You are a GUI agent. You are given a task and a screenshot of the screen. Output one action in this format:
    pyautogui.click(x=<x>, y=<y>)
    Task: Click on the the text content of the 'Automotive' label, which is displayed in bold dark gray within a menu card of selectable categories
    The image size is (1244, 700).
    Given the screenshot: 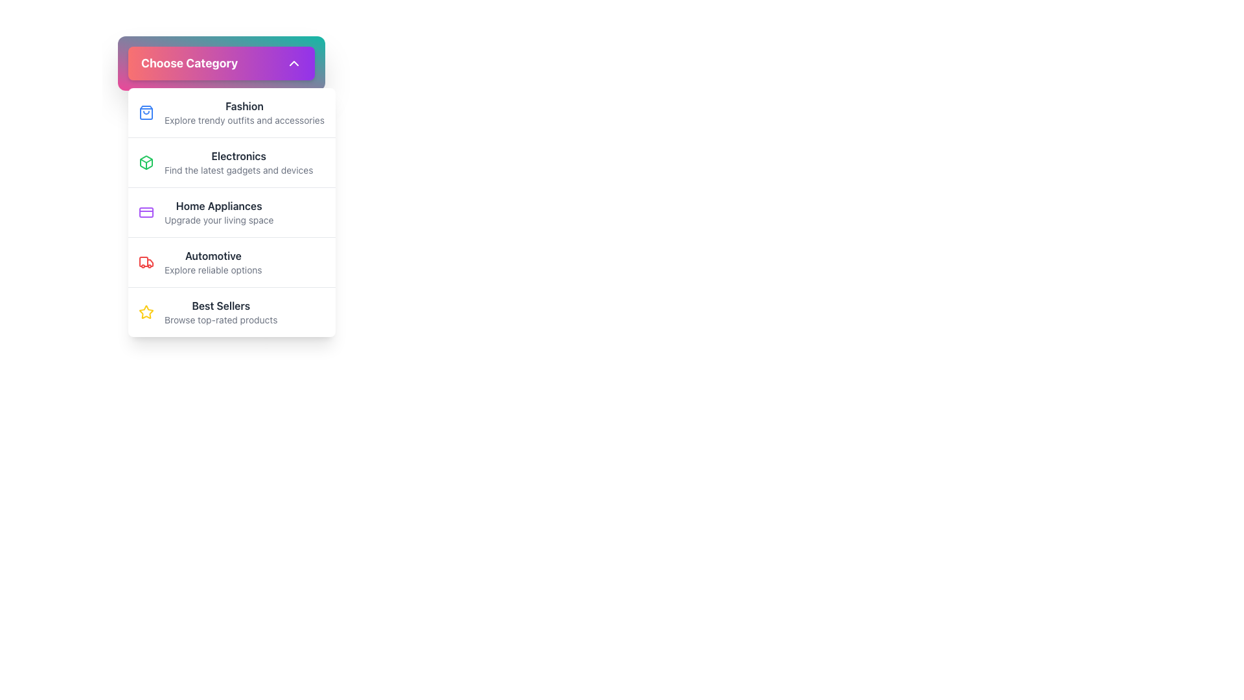 What is the action you would take?
    pyautogui.click(x=213, y=255)
    